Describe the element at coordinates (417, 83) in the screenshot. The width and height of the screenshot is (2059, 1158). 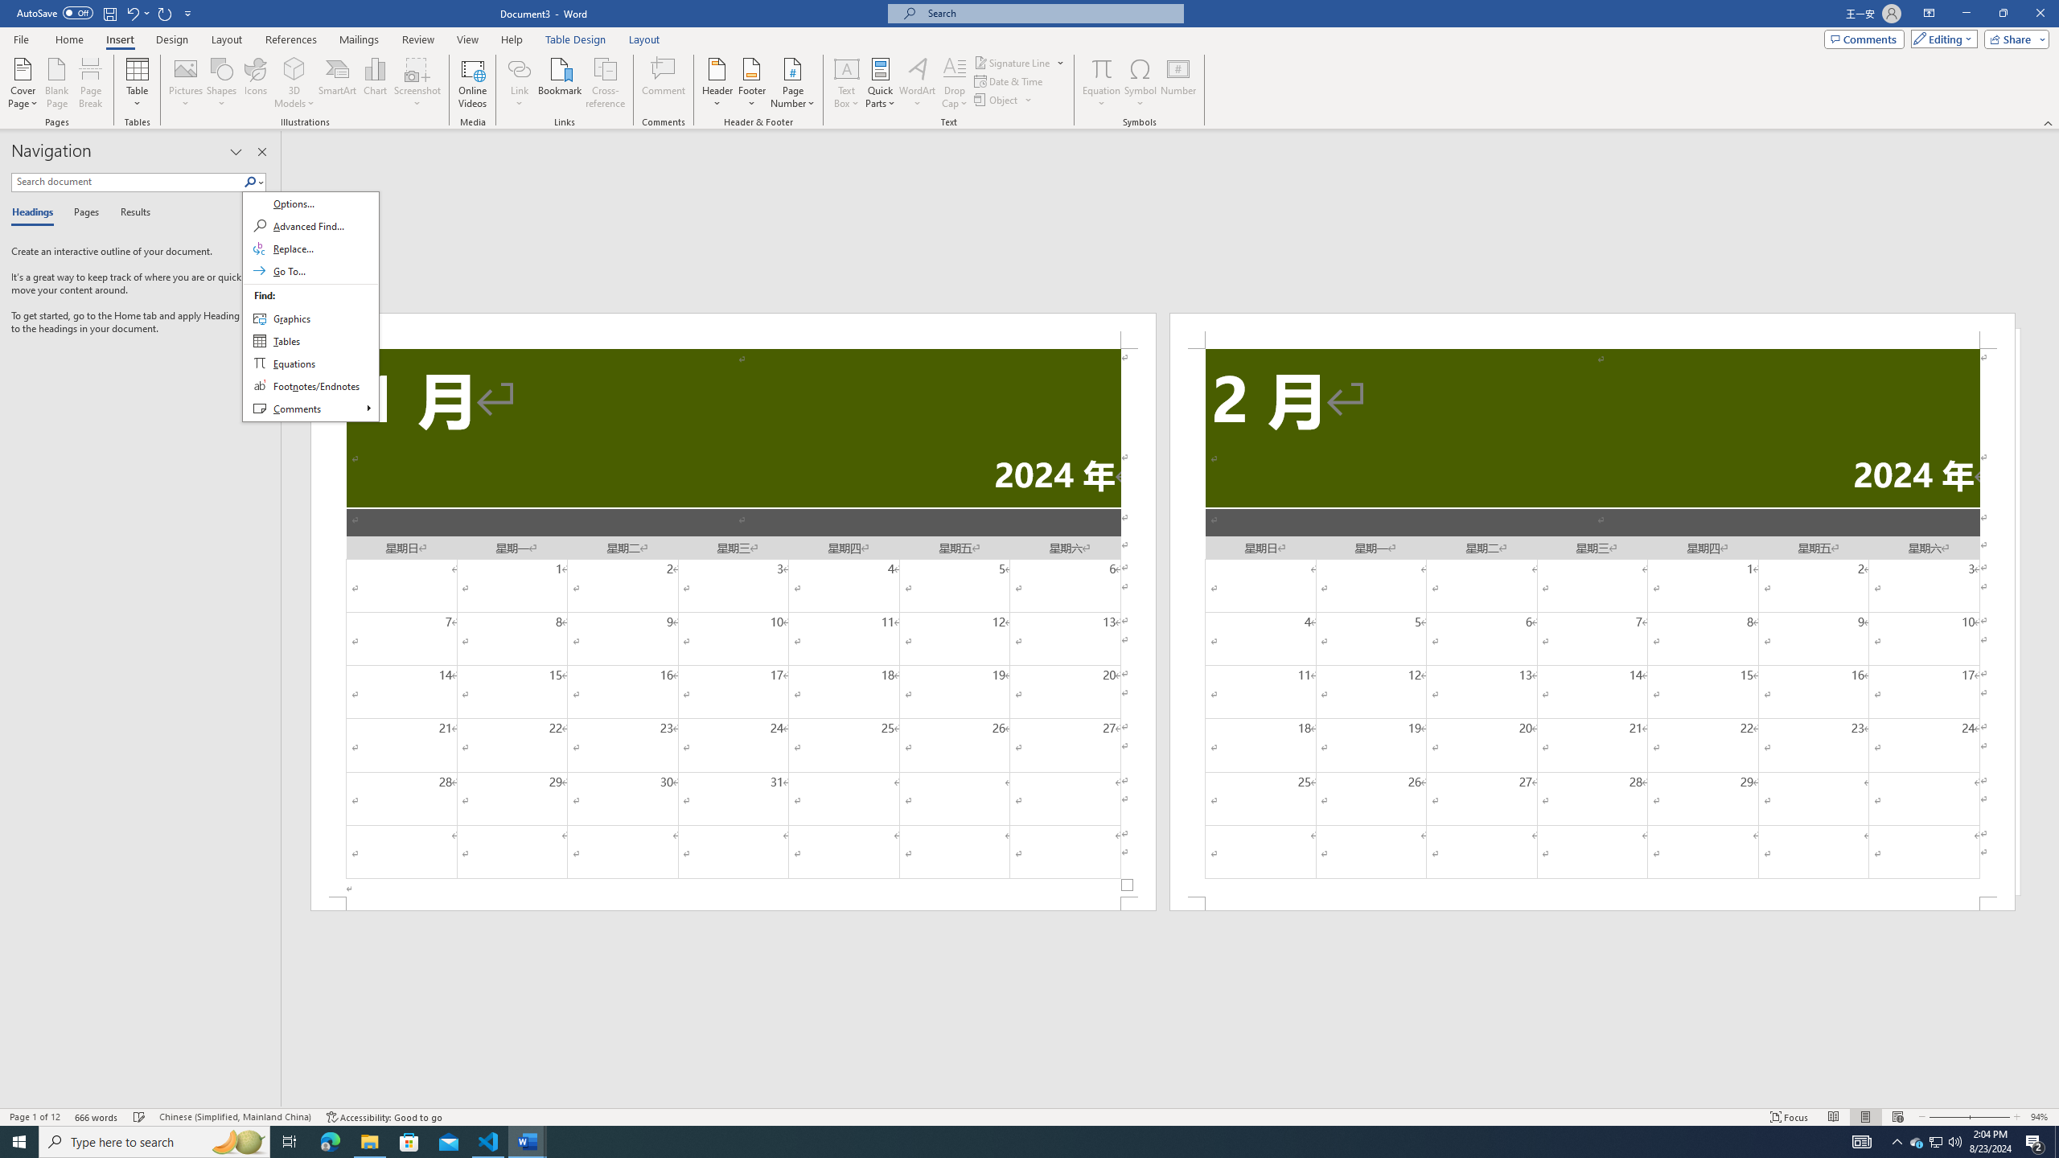
I see `'Screenshot'` at that location.